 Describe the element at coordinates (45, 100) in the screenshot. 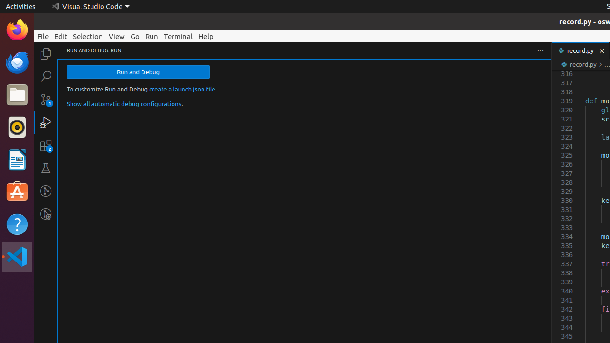

I see `'Source Control (Ctrl+Shift+G G) - 1 pending changes Source Control (Ctrl+Shift+G G) - 1 pending changes'` at that location.